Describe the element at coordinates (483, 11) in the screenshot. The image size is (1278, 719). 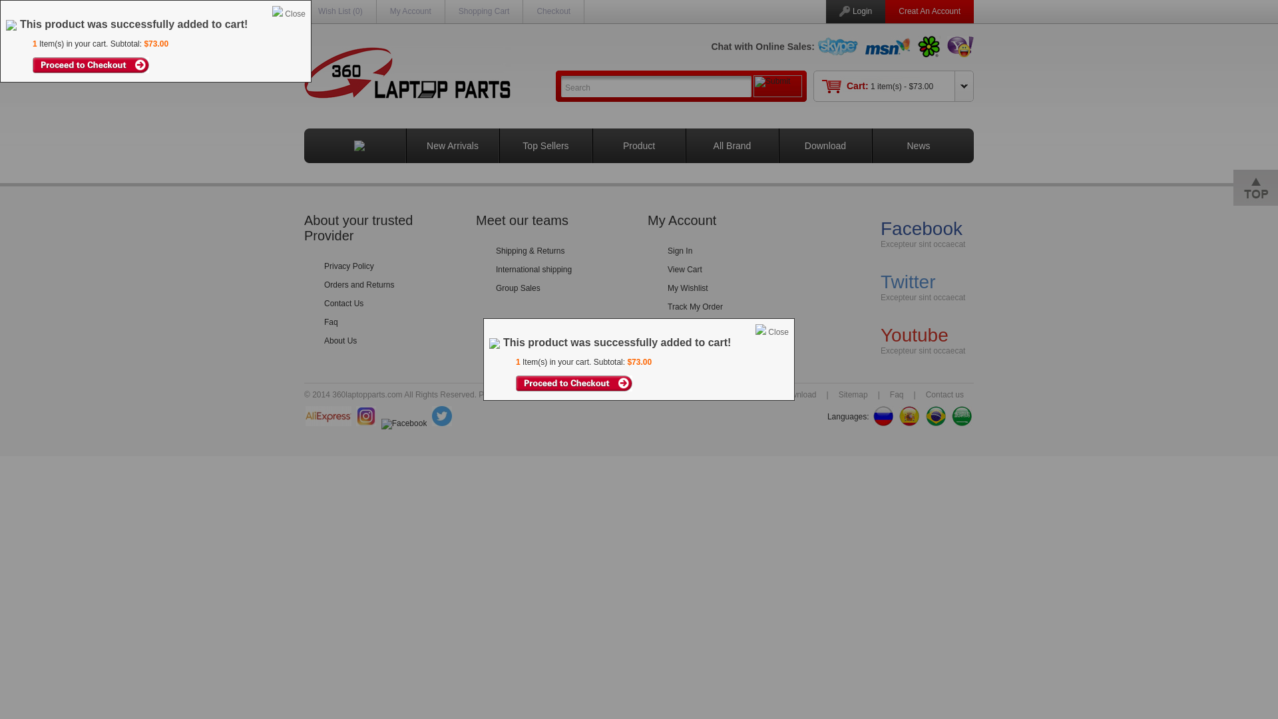
I see `'Shopping Cart'` at that location.